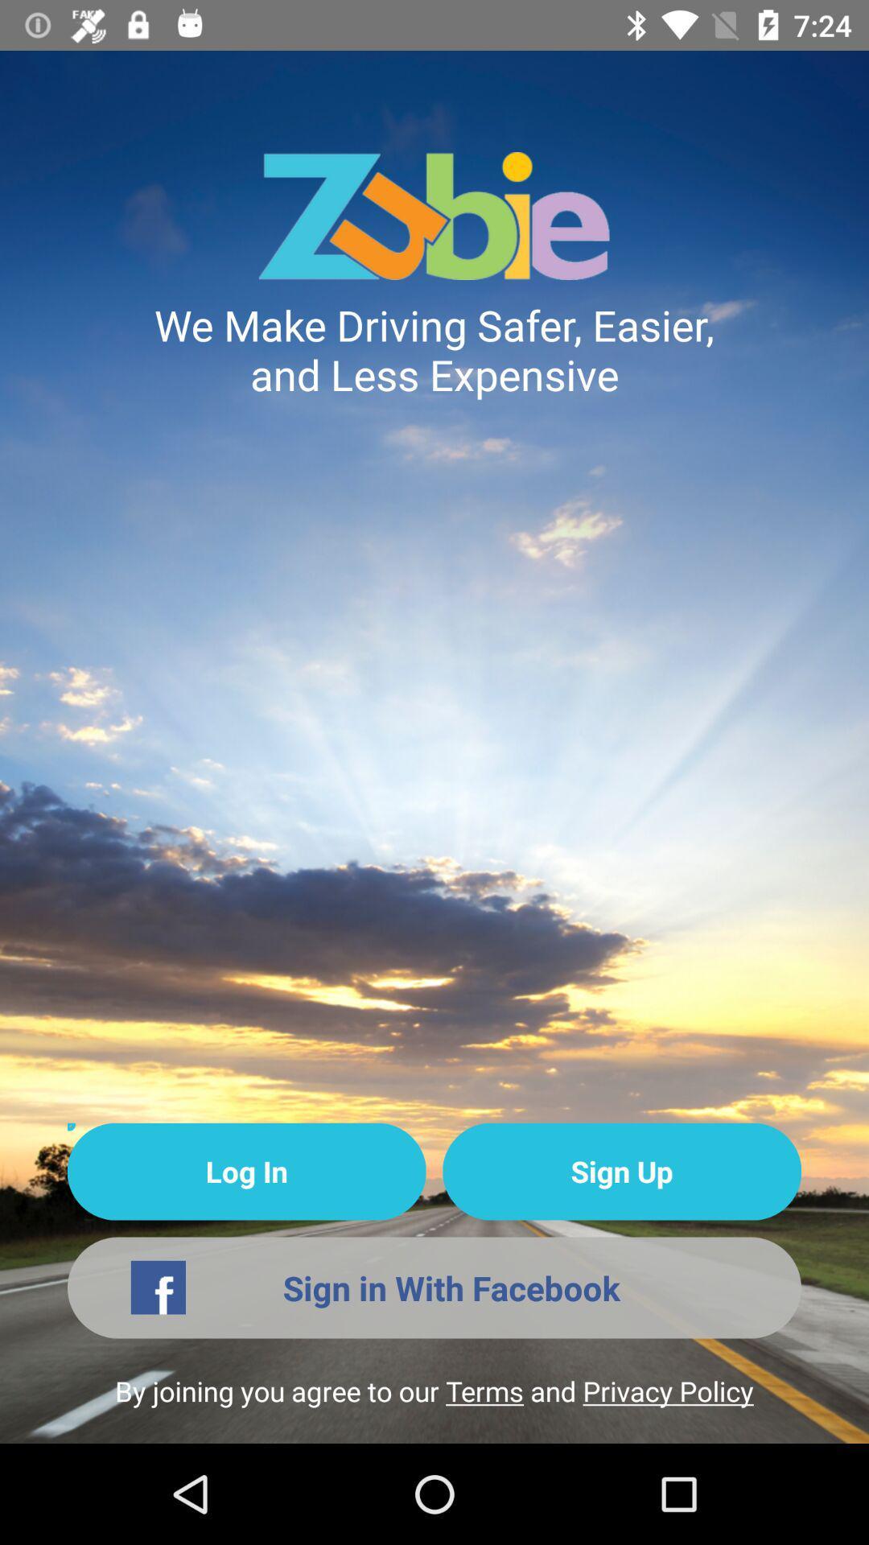 The width and height of the screenshot is (869, 1545). I want to click on the icon above the by joining you, so click(434, 1287).